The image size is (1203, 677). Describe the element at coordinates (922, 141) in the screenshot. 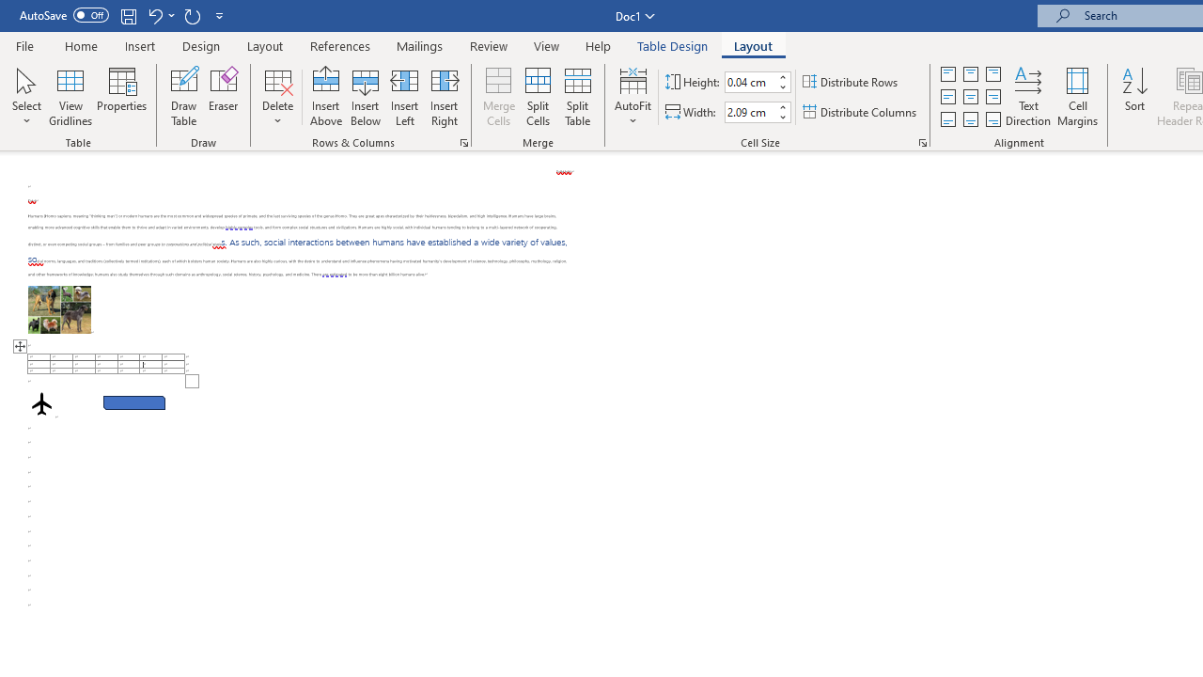

I see `'Properties...'` at that location.